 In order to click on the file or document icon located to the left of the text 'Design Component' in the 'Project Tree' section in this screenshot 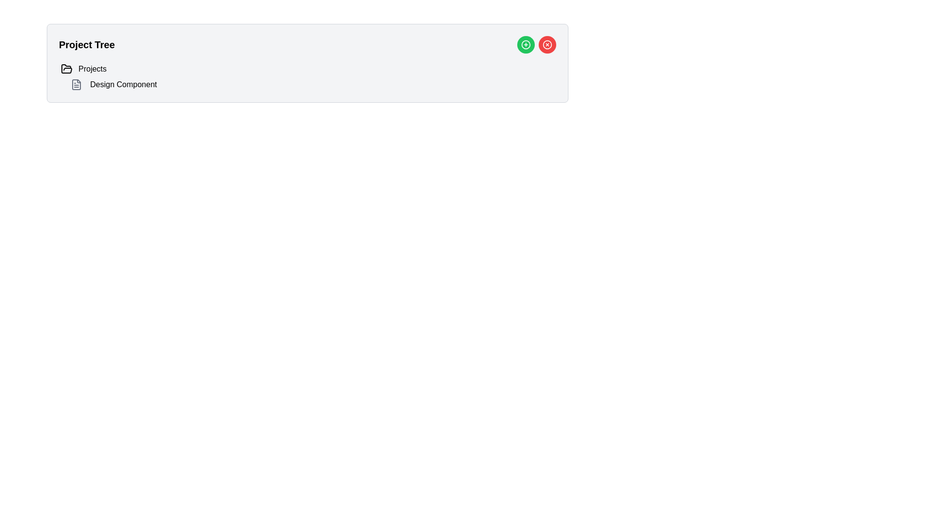, I will do `click(76, 84)`.